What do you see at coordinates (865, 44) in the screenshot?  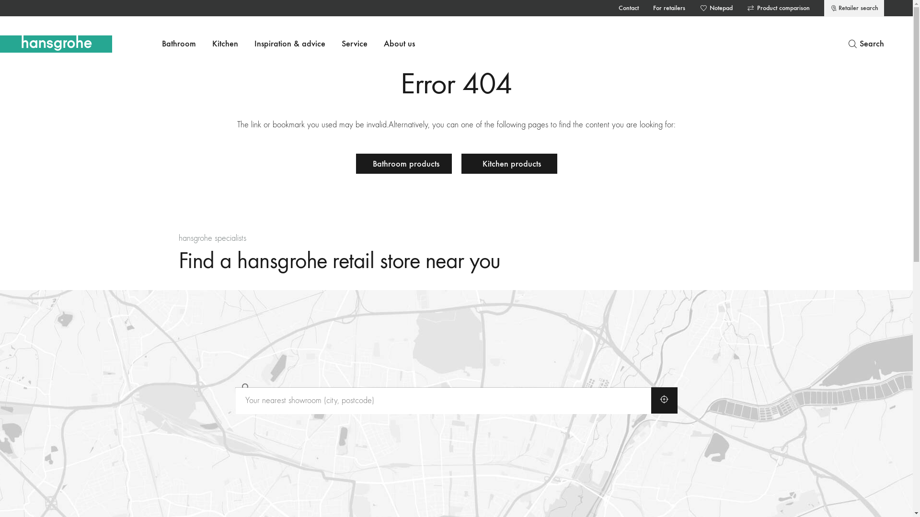 I see `'Search'` at bounding box center [865, 44].